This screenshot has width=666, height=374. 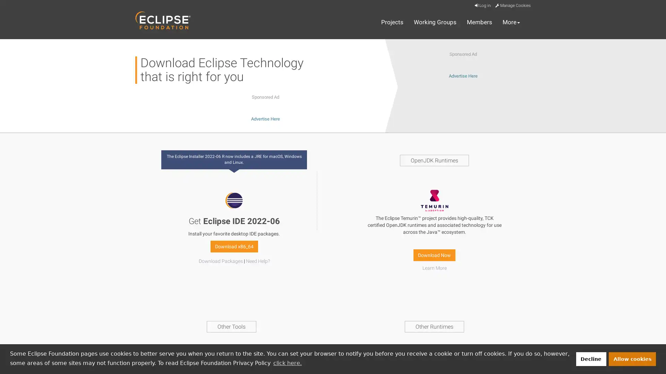 What do you see at coordinates (590, 358) in the screenshot?
I see `deny cookies` at bounding box center [590, 358].